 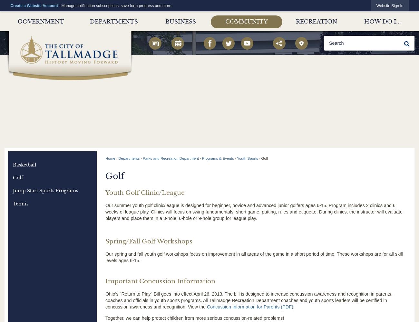 What do you see at coordinates (117, 6) in the screenshot?
I see `'- Manage notification subscriptions, save form progress and more.'` at bounding box center [117, 6].